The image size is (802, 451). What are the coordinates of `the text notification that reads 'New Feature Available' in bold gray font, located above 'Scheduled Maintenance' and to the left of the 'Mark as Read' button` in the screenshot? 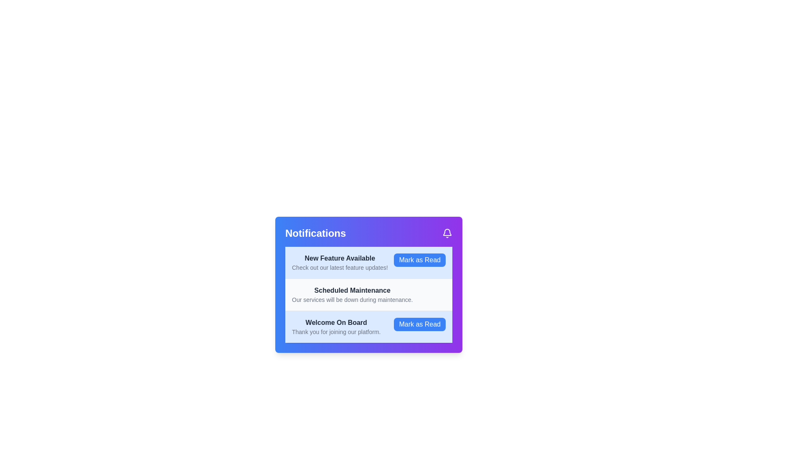 It's located at (340, 262).